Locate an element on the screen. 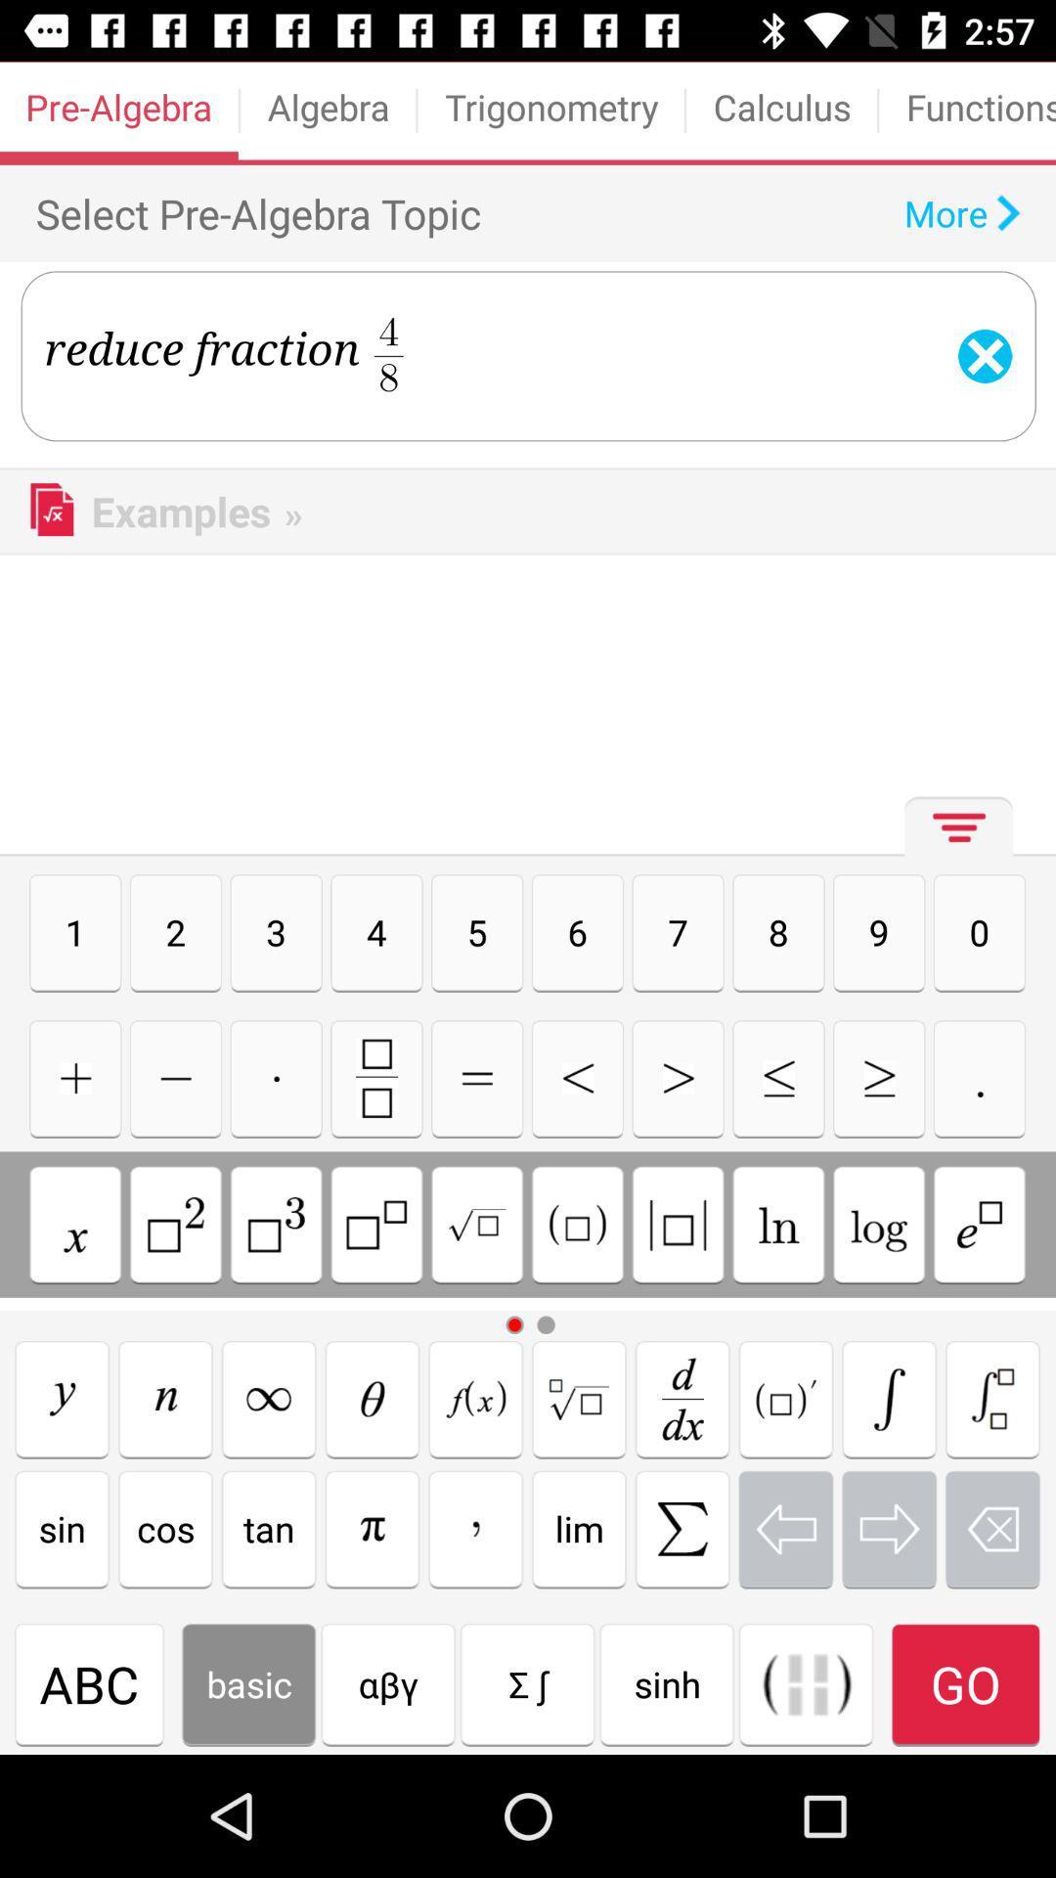 This screenshot has width=1056, height=1878. y is located at coordinates (61, 1398).